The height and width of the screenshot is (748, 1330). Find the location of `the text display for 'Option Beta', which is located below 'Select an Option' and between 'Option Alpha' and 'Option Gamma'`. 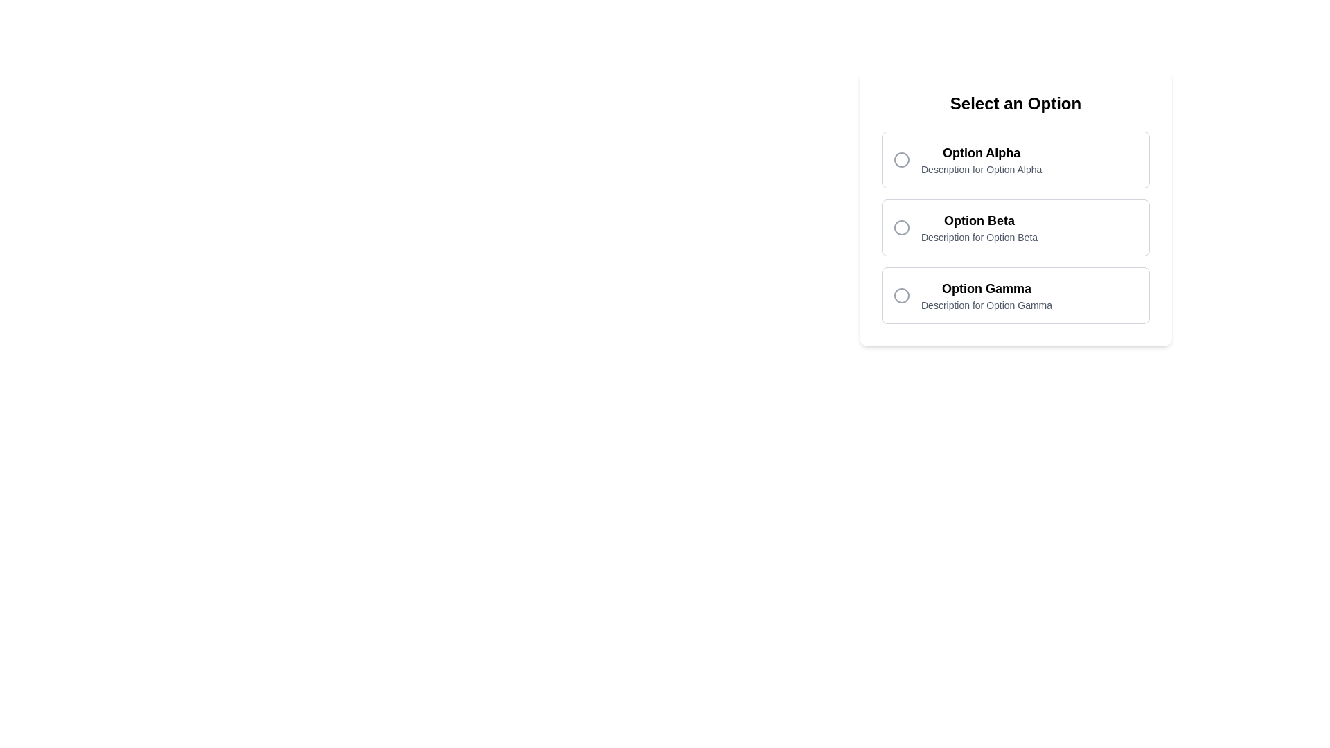

the text display for 'Option Beta', which is located below 'Select an Option' and between 'Option Alpha' and 'Option Gamma' is located at coordinates (979, 226).